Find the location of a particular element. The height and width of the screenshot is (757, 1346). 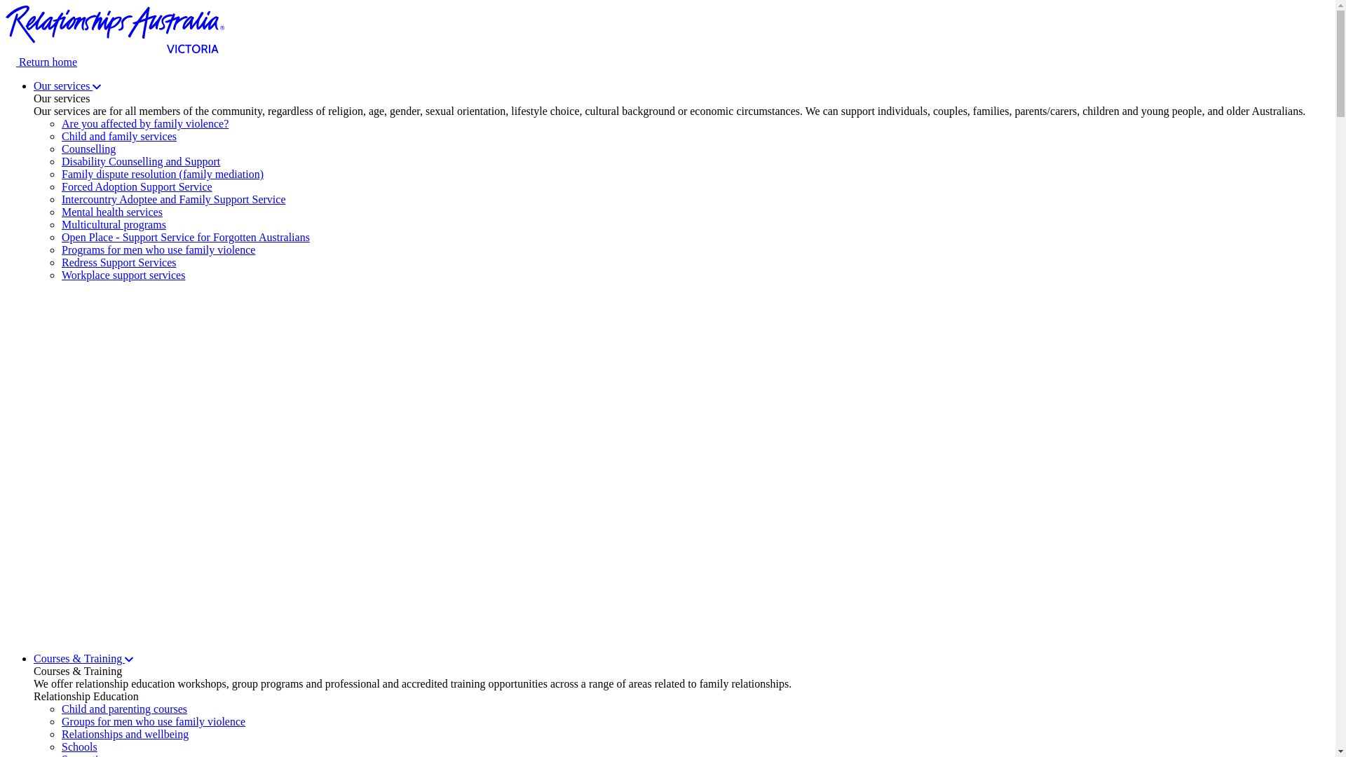

'Redress Support Services' is located at coordinates (118, 262).